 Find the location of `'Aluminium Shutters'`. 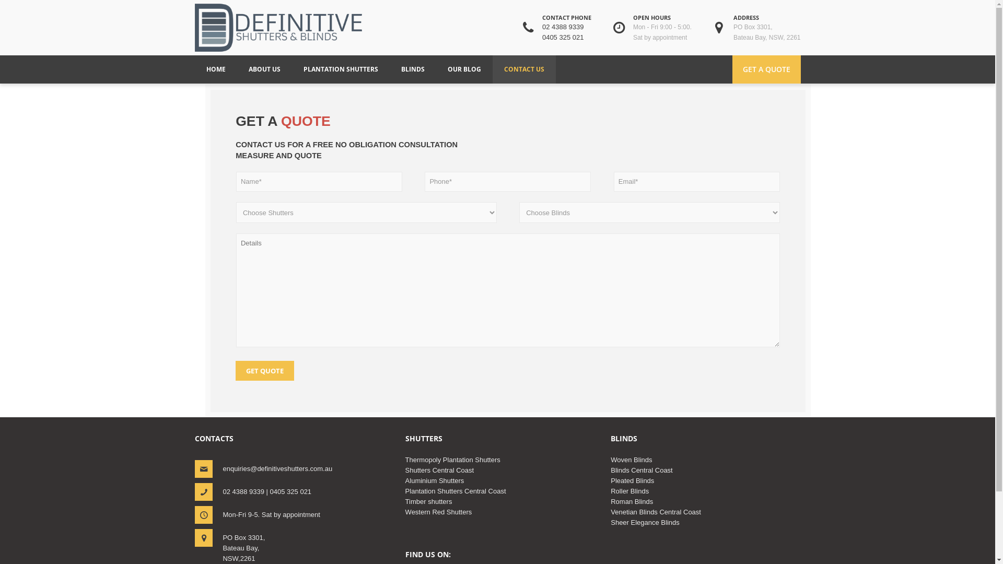

'Aluminium Shutters' is located at coordinates (435, 480).